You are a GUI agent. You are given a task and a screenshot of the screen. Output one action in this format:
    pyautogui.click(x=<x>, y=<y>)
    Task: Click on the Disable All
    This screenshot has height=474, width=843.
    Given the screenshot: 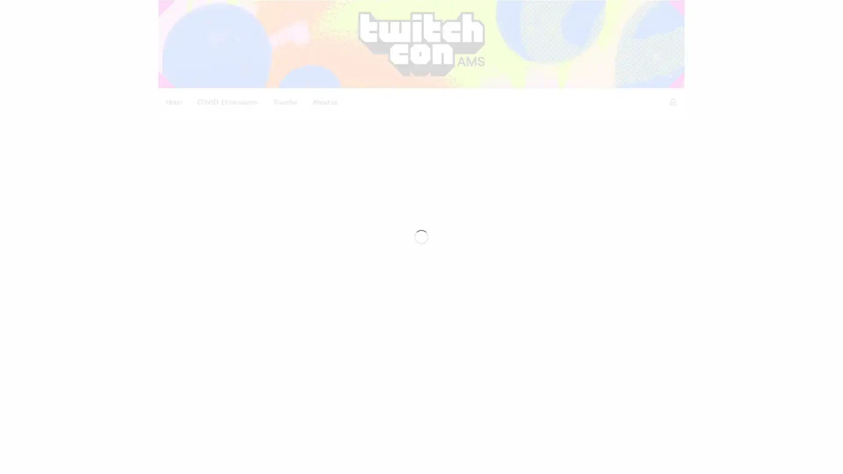 What is the action you would take?
    pyautogui.click(x=602, y=460)
    